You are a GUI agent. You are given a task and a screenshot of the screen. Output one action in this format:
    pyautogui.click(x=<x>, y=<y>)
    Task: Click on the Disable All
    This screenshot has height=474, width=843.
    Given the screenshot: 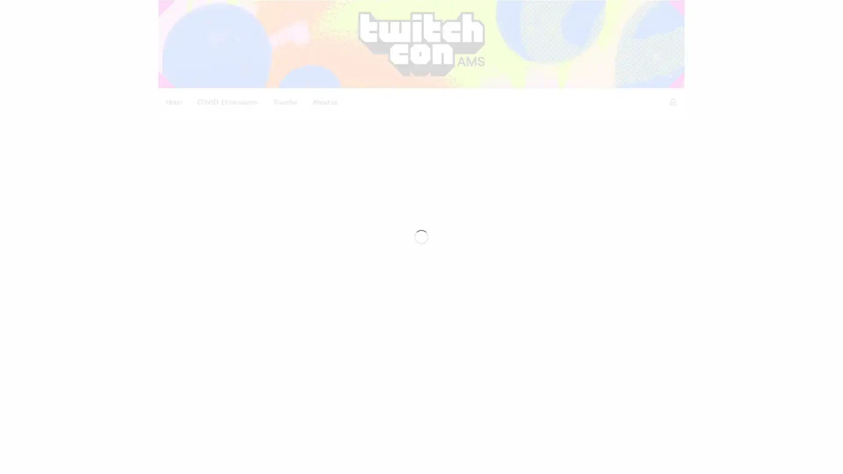 What is the action you would take?
    pyautogui.click(x=602, y=460)
    